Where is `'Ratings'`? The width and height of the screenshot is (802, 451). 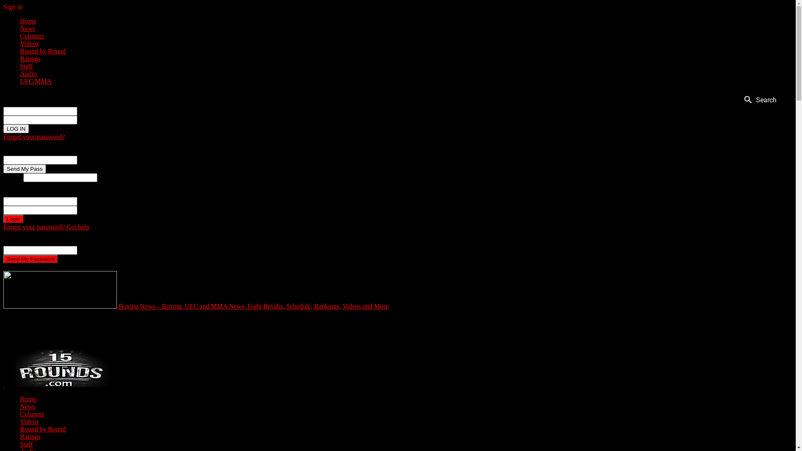 'Ratings' is located at coordinates (30, 58).